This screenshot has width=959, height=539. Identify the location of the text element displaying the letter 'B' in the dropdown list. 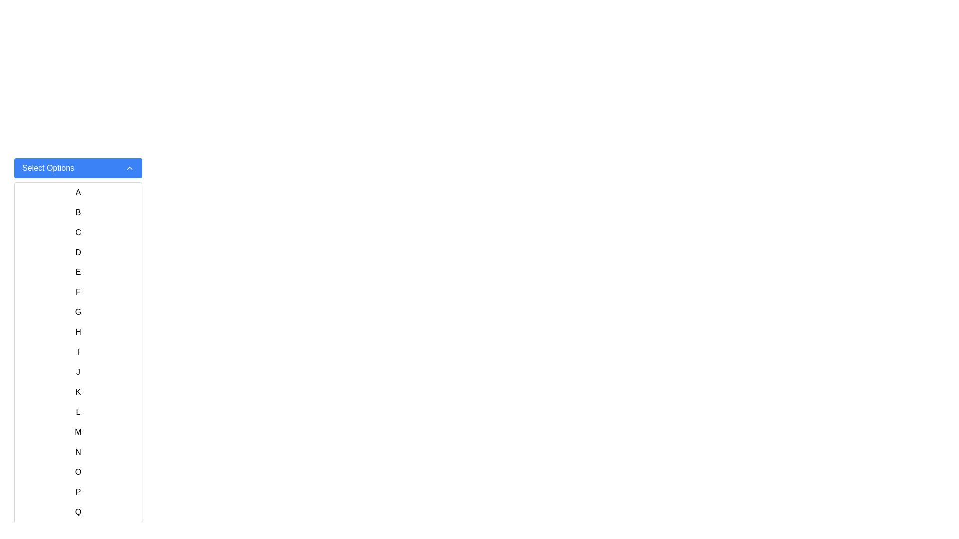
(78, 212).